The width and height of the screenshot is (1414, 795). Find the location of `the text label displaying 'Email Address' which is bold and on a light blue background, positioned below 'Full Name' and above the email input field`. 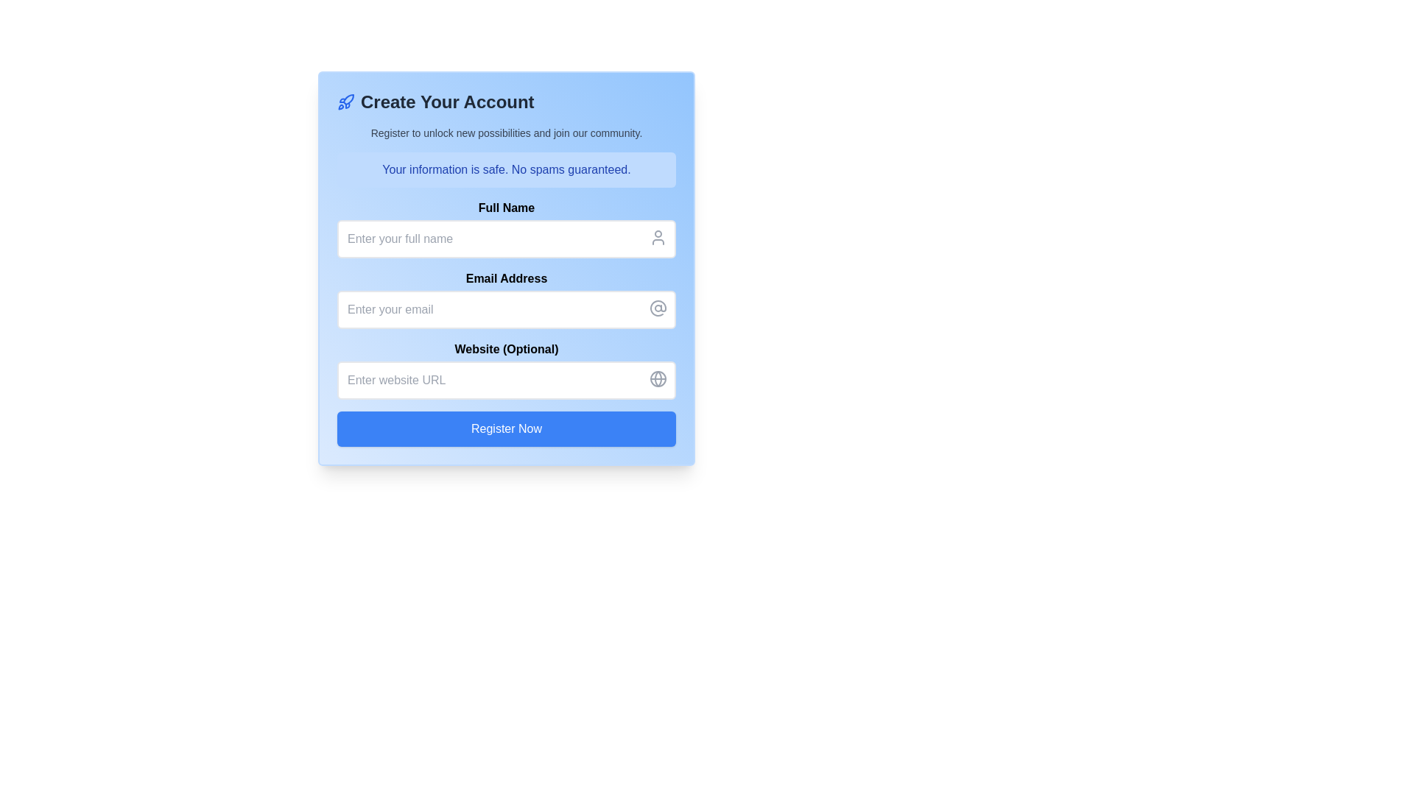

the text label displaying 'Email Address' which is bold and on a light blue background, positioned below 'Full Name' and above the email input field is located at coordinates (506, 278).